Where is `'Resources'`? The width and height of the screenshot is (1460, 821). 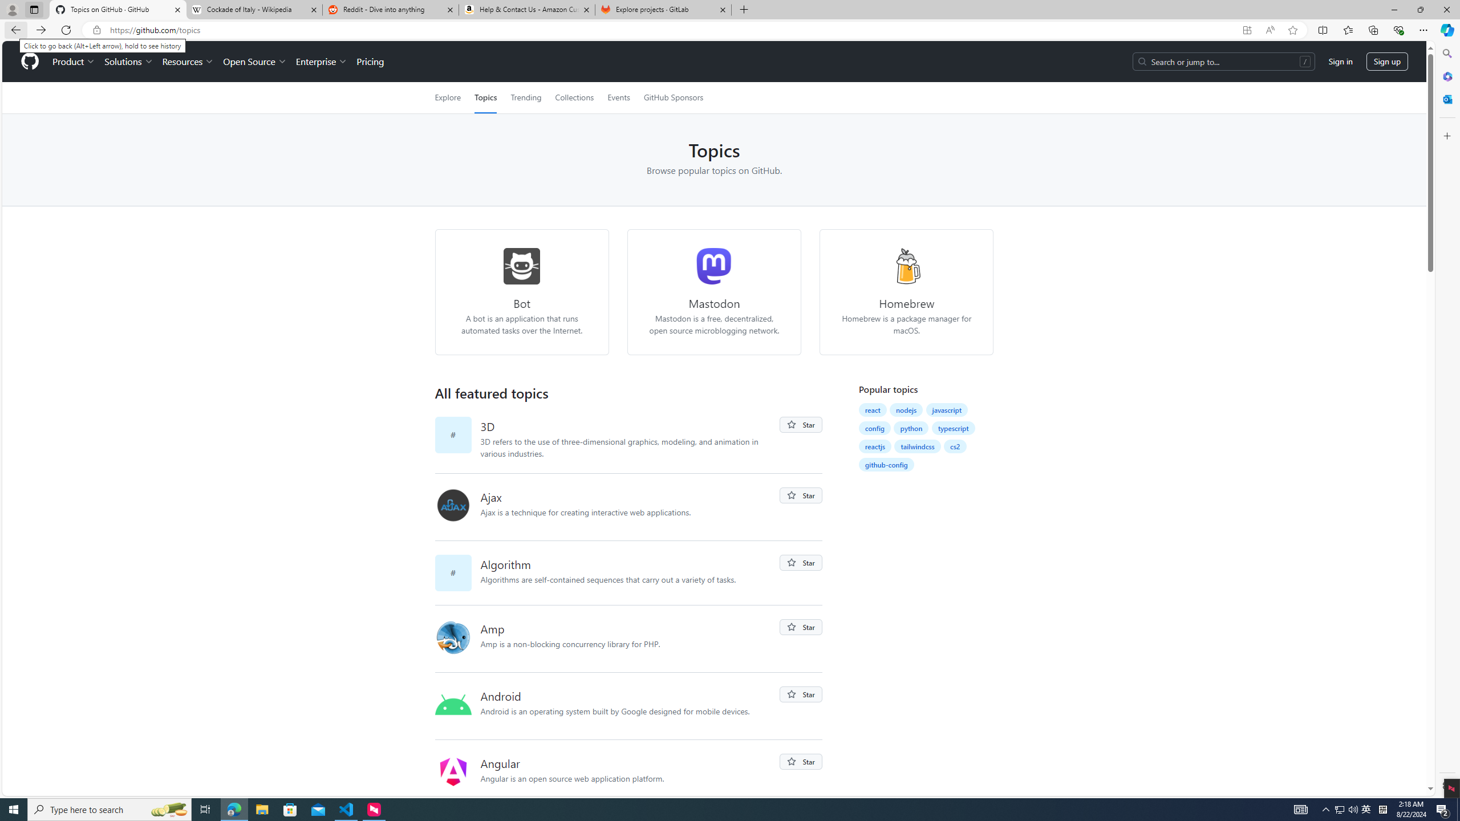
'Resources' is located at coordinates (188, 61).